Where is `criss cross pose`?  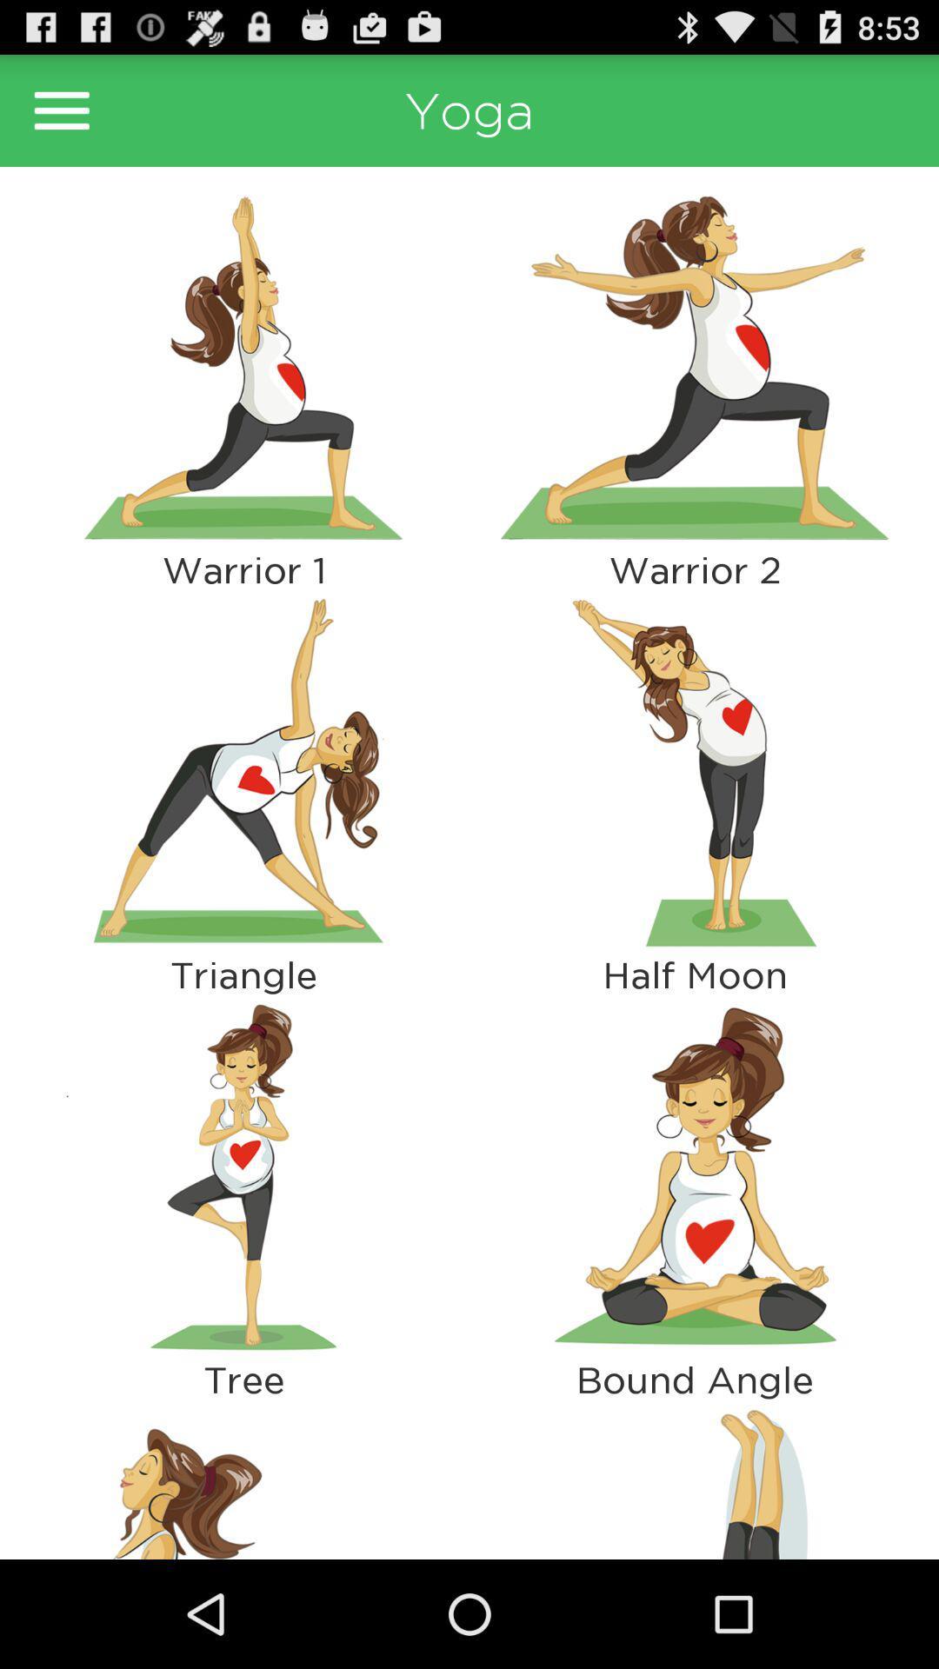
criss cross pose is located at coordinates (694, 1177).